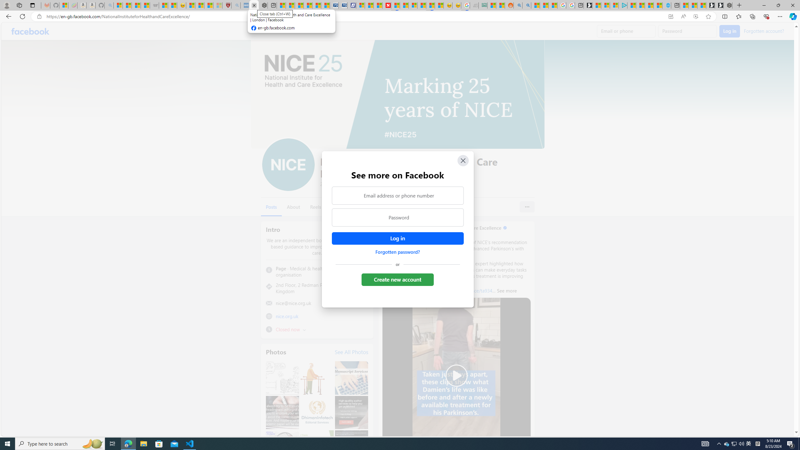 The image size is (800, 450). What do you see at coordinates (30, 31) in the screenshot?
I see `'Facebook'` at bounding box center [30, 31].